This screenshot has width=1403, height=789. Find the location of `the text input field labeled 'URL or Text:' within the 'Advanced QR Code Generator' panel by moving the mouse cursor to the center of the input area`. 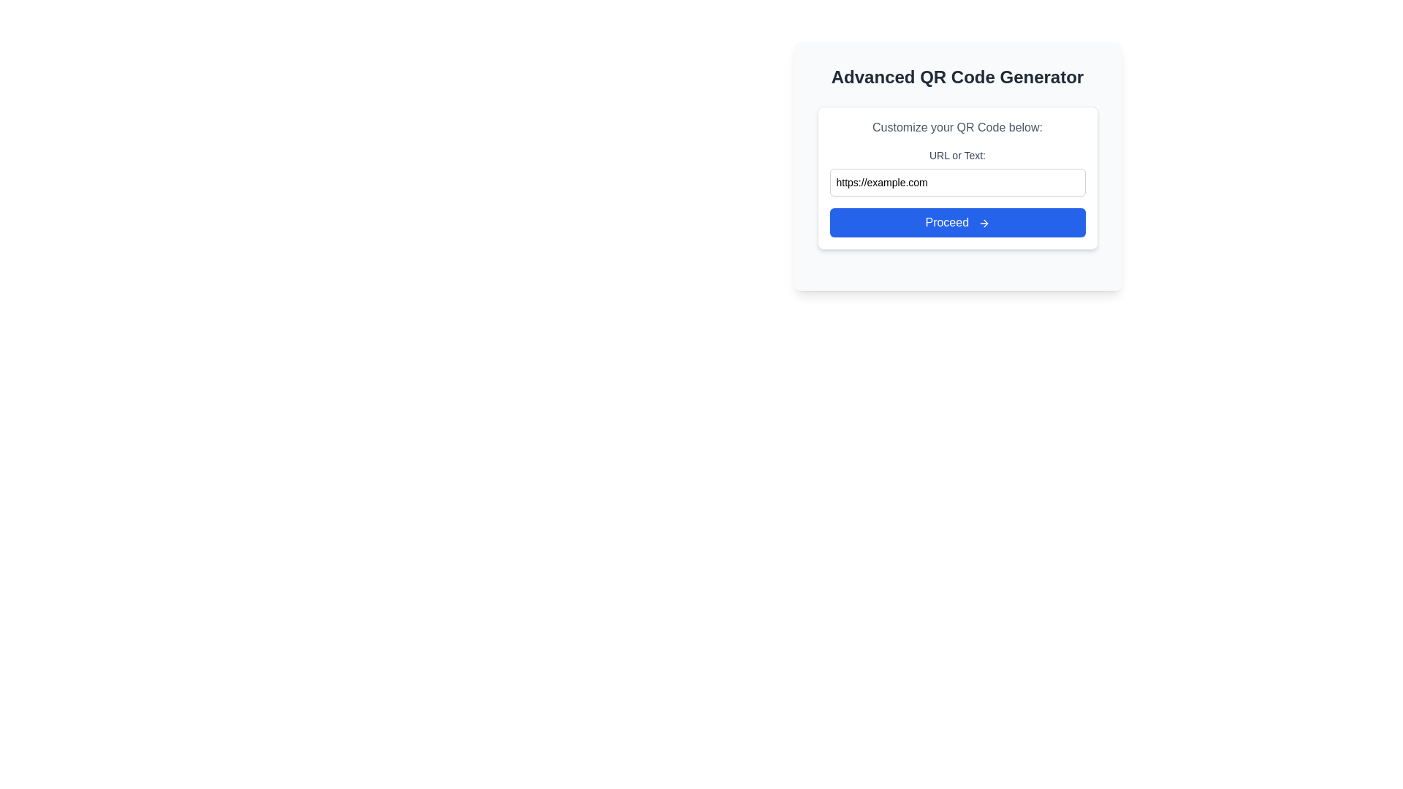

the text input field labeled 'URL or Text:' within the 'Advanced QR Code Generator' panel by moving the mouse cursor to the center of the input area is located at coordinates (957, 165).